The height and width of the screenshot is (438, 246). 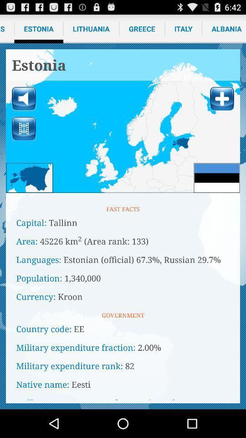 What do you see at coordinates (221, 99) in the screenshot?
I see `information` at bounding box center [221, 99].